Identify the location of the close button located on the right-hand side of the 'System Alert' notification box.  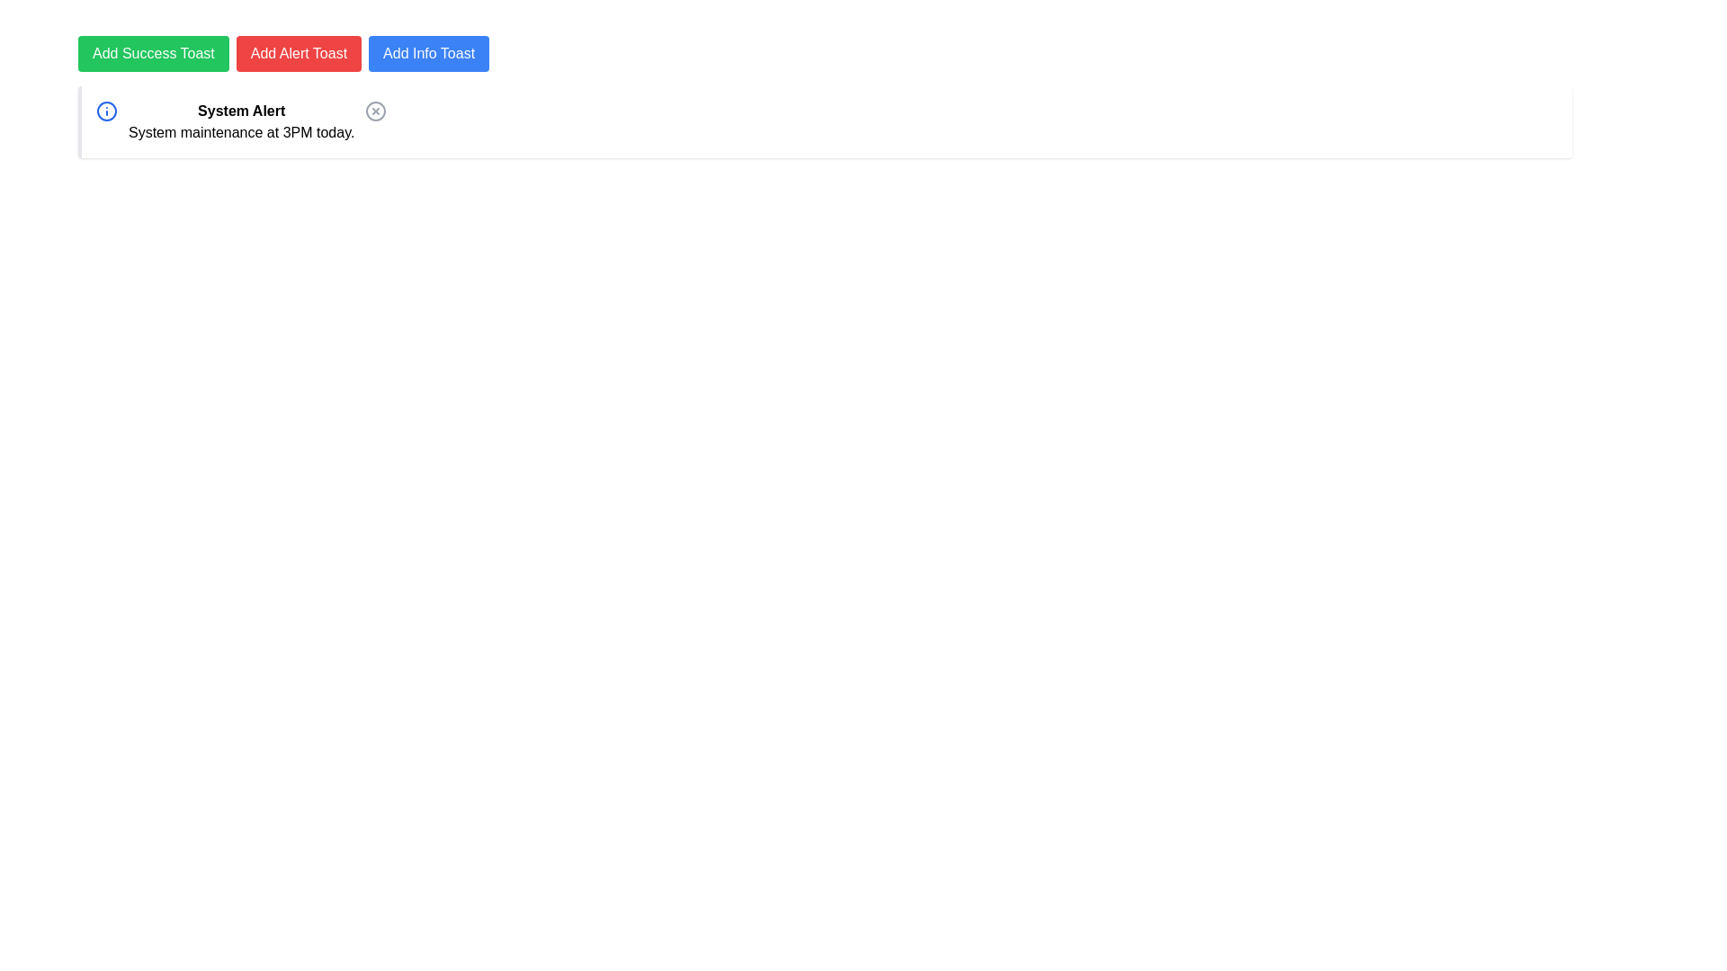
(375, 111).